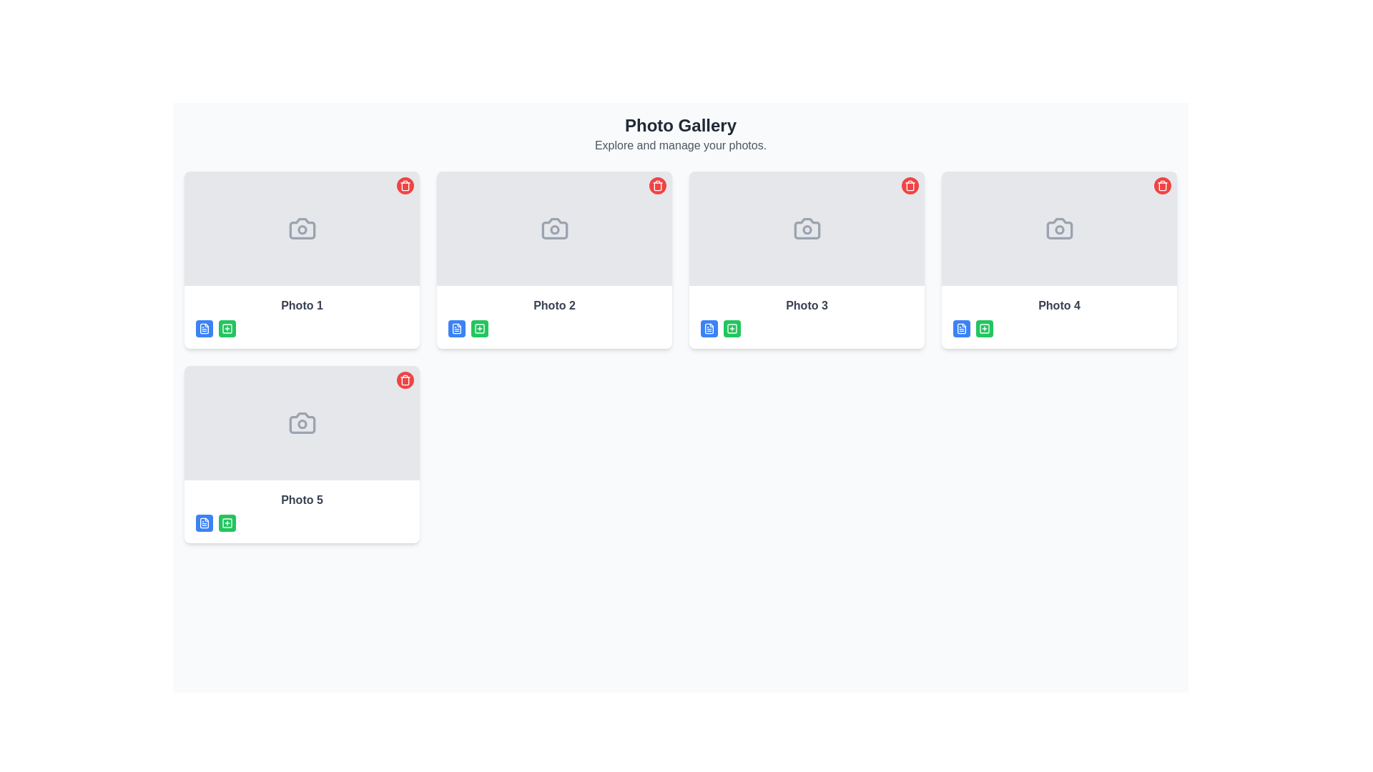  I want to click on the title of the photo placeholder in the gallery application, so click(1059, 316).